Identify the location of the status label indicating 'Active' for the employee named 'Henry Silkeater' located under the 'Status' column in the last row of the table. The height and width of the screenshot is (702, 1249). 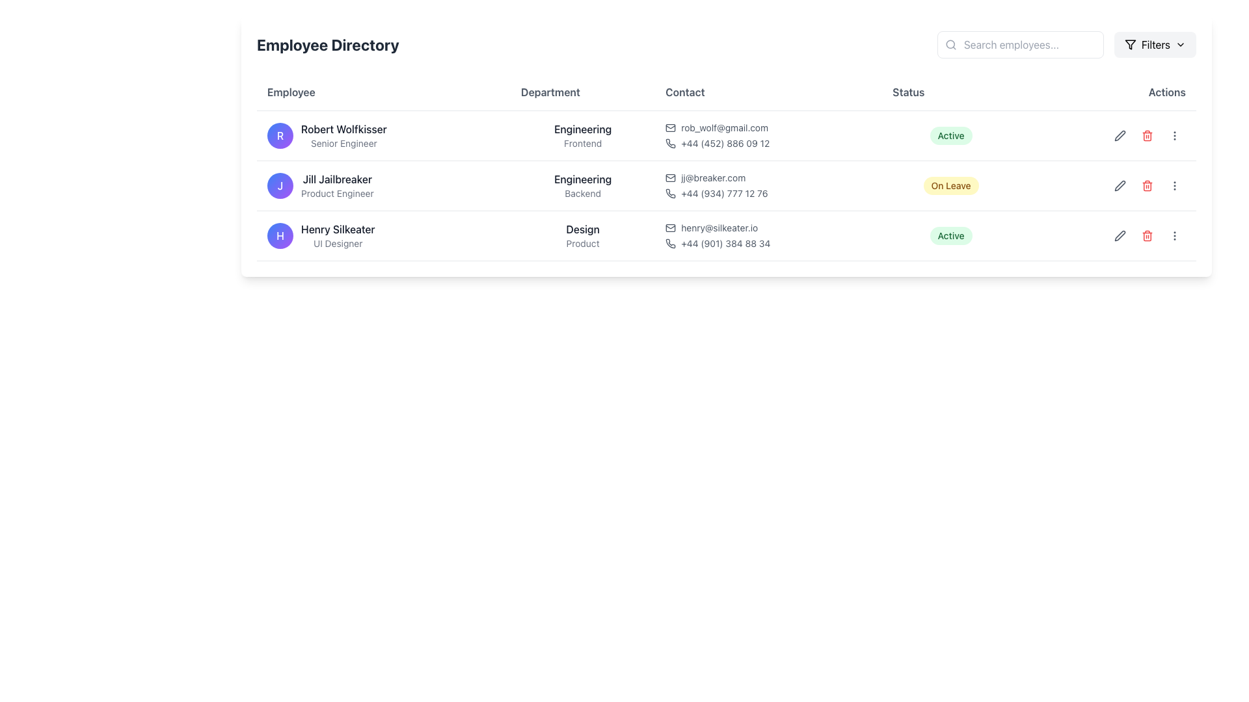
(951, 235).